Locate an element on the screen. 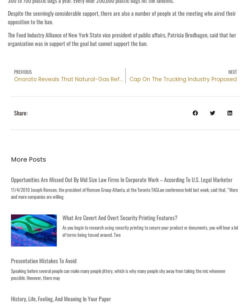 The height and width of the screenshot is (305, 251). 'The Food Industry Alliance of New York State vice president of public affairs, Patricia Brodhagen, said that her organization was in support of the goal but cannot support the ban.' is located at coordinates (122, 39).